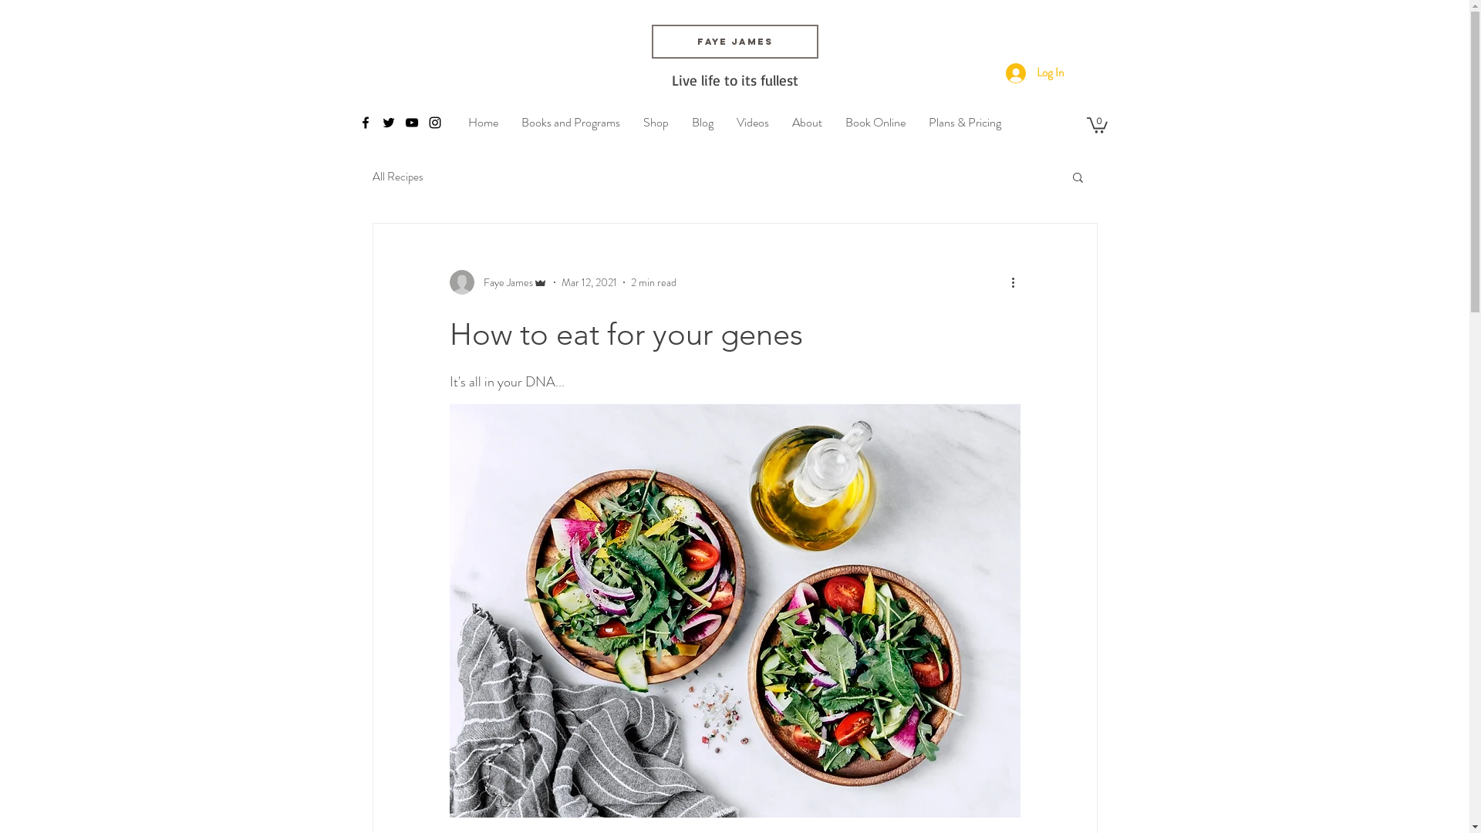 The height and width of the screenshot is (833, 1481). Describe the element at coordinates (995, 73) in the screenshot. I see `'Log In'` at that location.